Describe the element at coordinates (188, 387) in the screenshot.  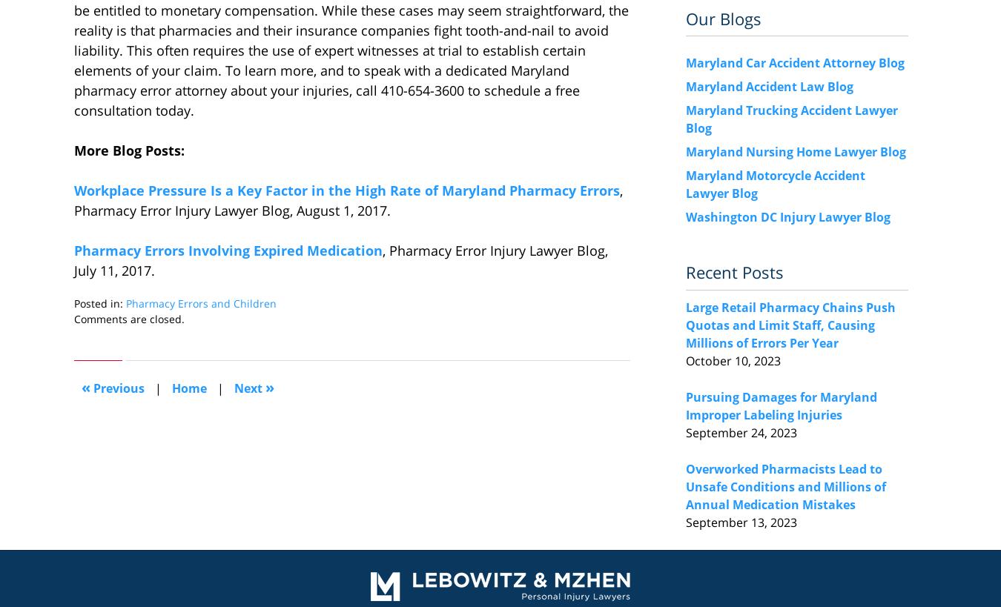
I see `'Home'` at that location.